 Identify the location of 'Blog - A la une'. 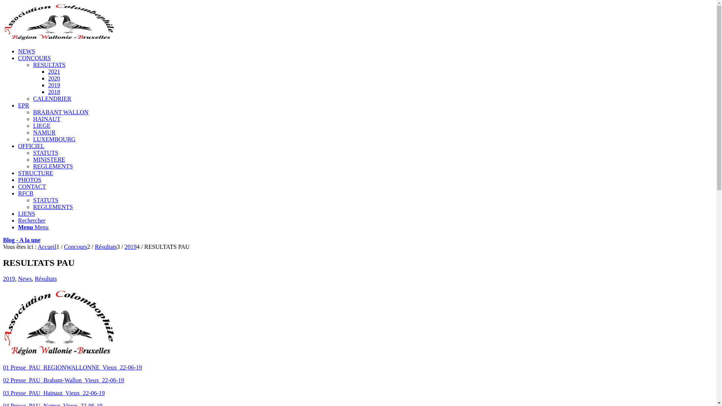
(21, 240).